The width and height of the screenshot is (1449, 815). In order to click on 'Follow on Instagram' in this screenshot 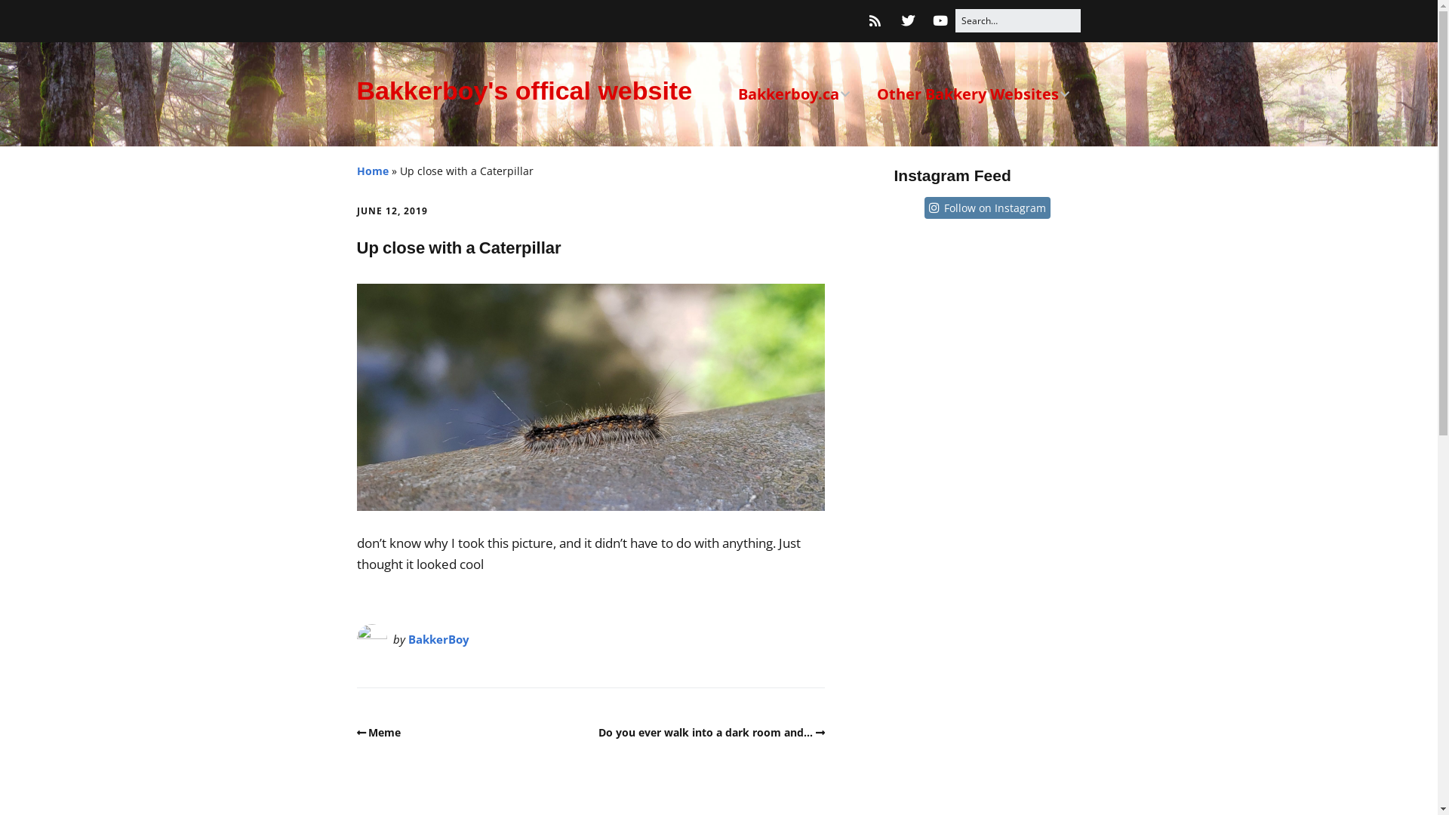, I will do `click(995, 208)`.